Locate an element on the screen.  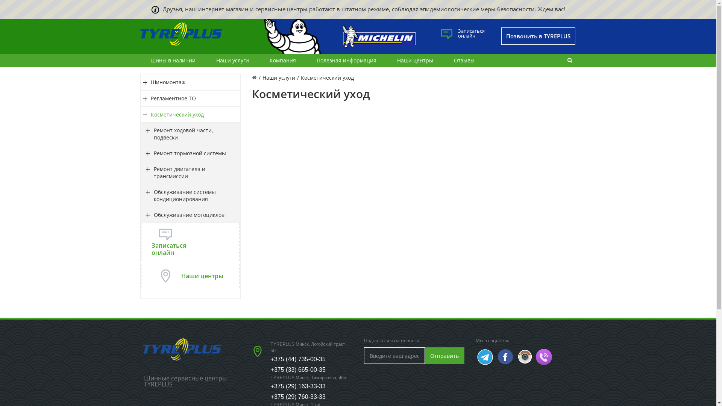
'+375 (29) 760-33-33' is located at coordinates (297, 396).